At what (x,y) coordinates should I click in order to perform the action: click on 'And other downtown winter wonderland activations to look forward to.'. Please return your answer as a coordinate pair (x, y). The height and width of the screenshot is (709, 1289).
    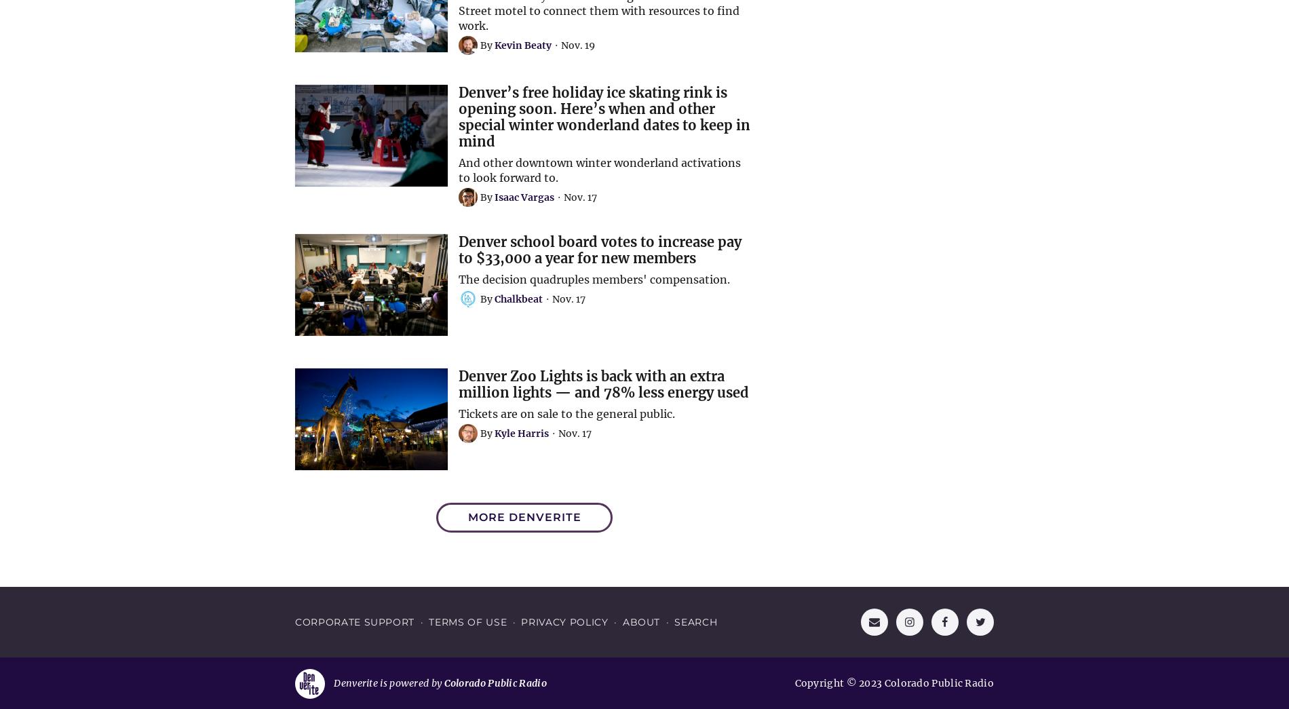
    Looking at the image, I should click on (458, 168).